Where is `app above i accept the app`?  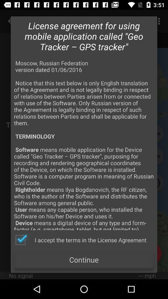
app above i accept the app is located at coordinates (84, 145).